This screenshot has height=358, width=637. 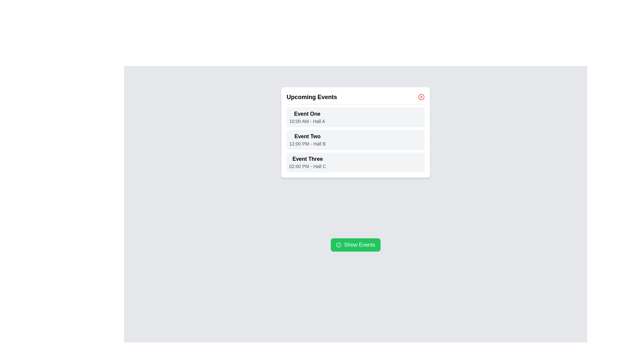 What do you see at coordinates (307, 121) in the screenshot?
I see `the Text label displaying time and location details for 'Event One', which is located below the text 'Event One' in the 'Upcoming Events' card` at bounding box center [307, 121].